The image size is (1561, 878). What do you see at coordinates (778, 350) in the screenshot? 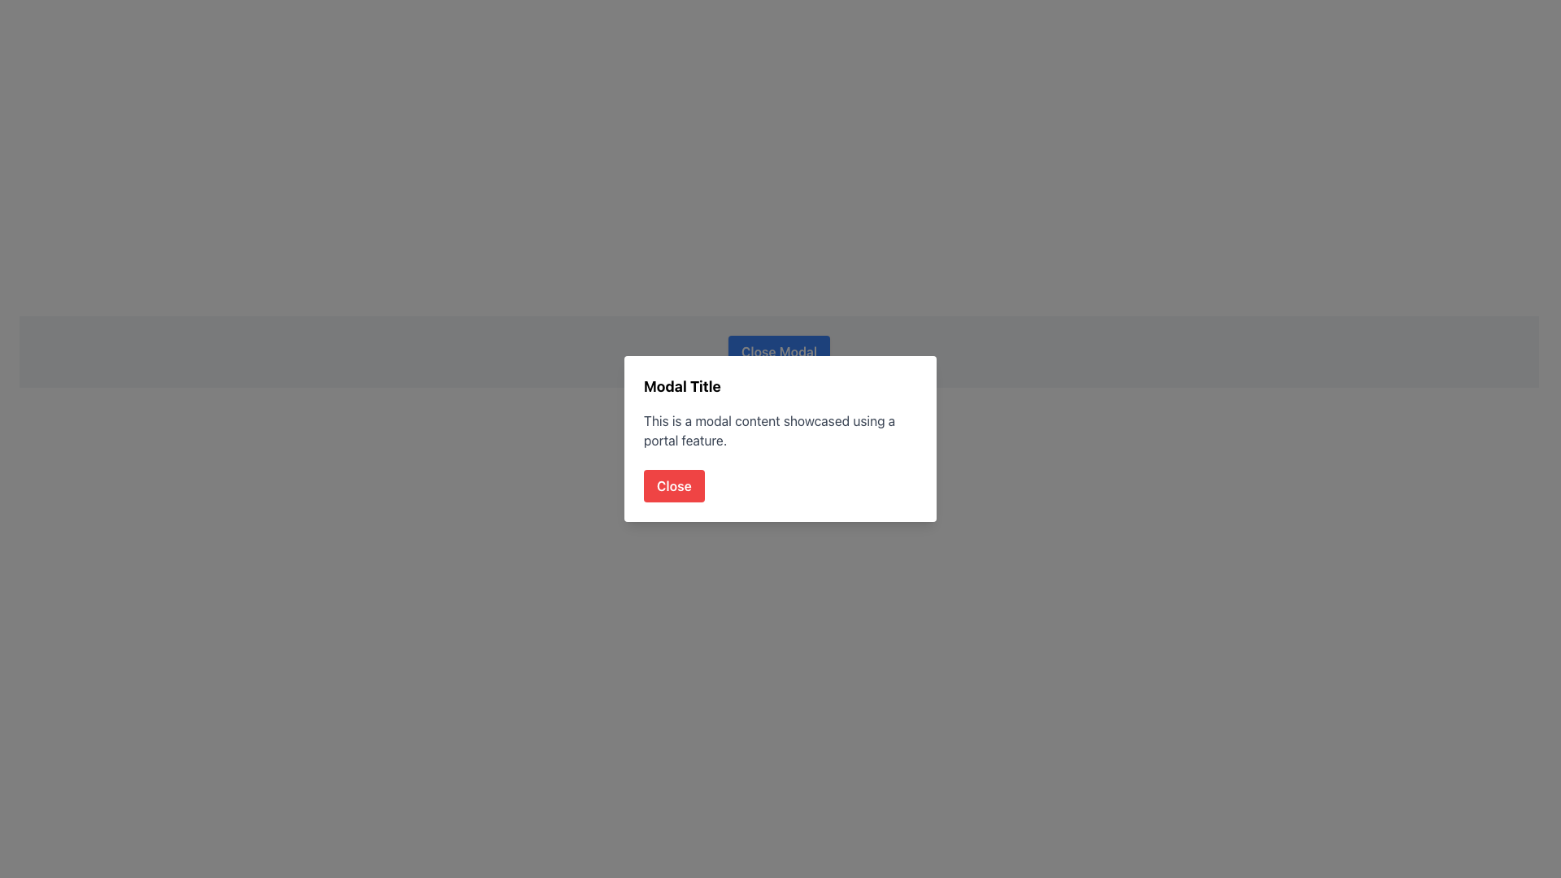
I see `the blue button labeled 'Close Modal'` at bounding box center [778, 350].